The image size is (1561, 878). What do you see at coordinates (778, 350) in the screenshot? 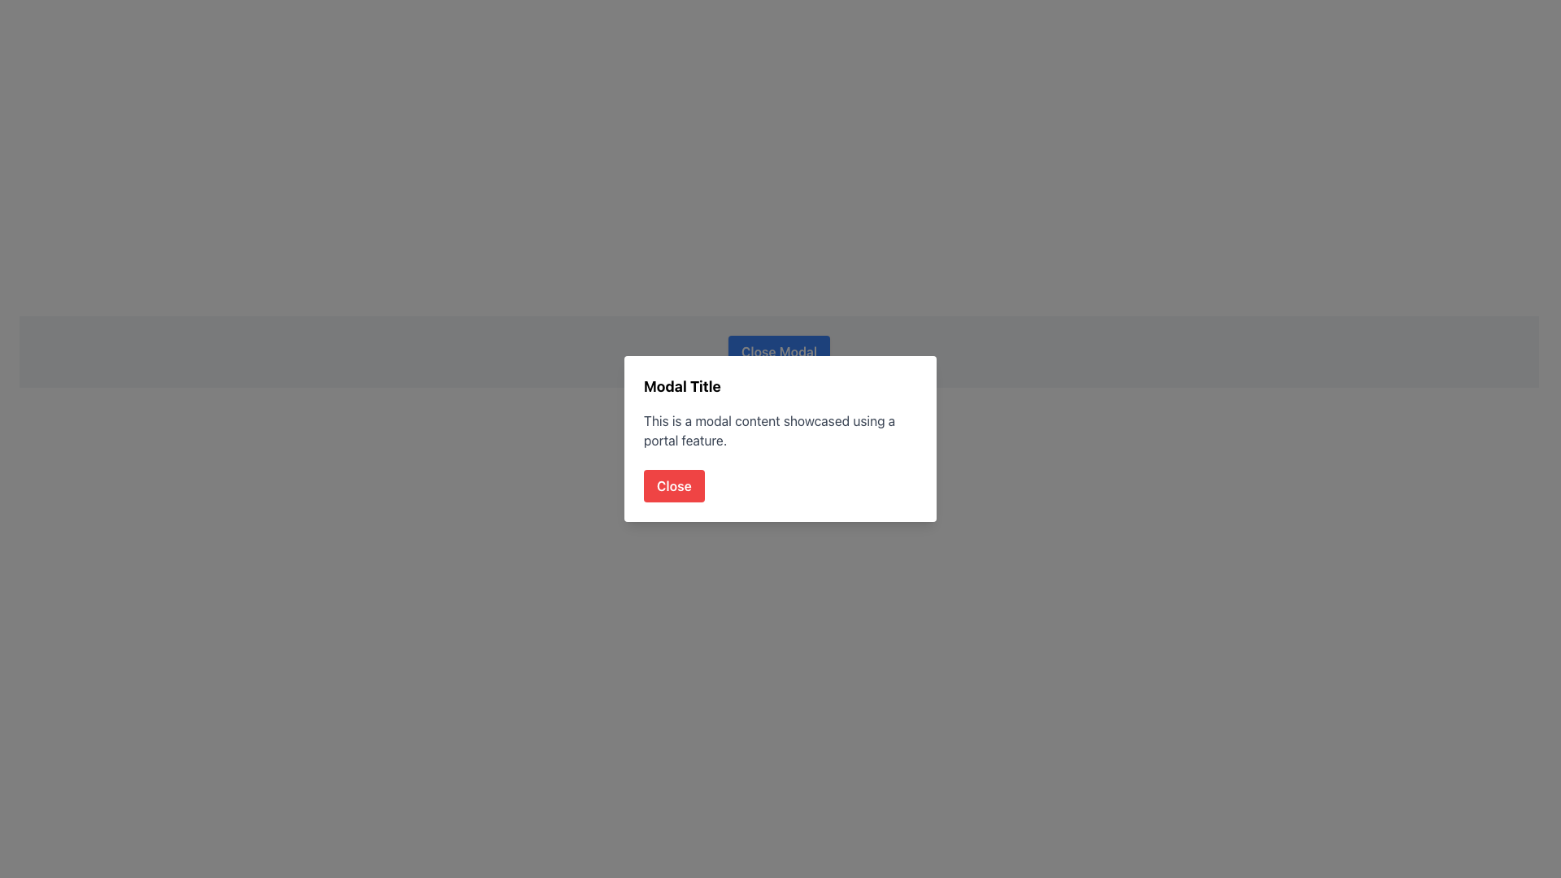
I see `the blue button labeled 'Close Modal'` at bounding box center [778, 350].